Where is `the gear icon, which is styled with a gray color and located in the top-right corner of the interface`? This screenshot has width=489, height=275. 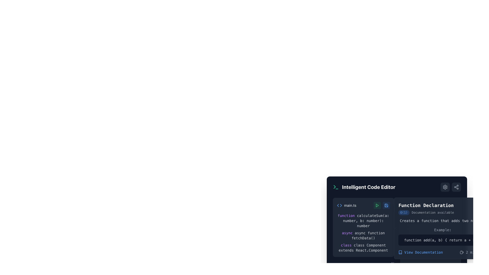
the gear icon, which is styled with a gray color and located in the top-right corner of the interface is located at coordinates (445, 187).